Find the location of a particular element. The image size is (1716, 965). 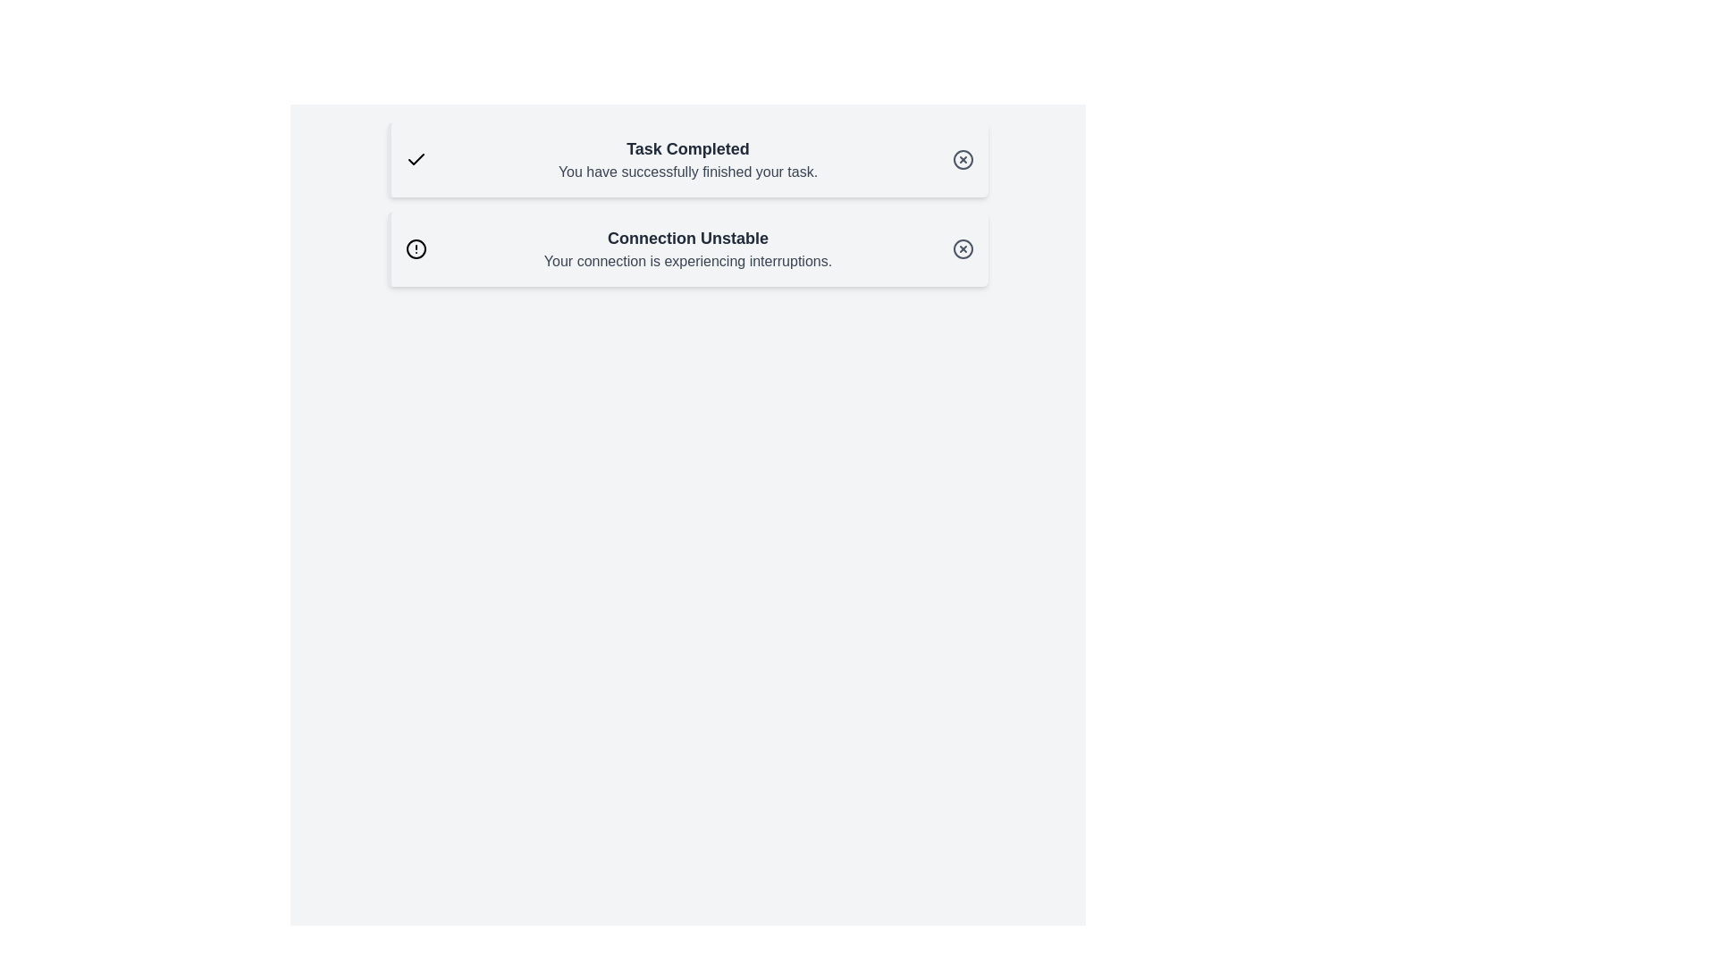

the checkmark icon located within the top notification rectangle, adjacent to the 'Task Completed' text is located at coordinates (415, 158).